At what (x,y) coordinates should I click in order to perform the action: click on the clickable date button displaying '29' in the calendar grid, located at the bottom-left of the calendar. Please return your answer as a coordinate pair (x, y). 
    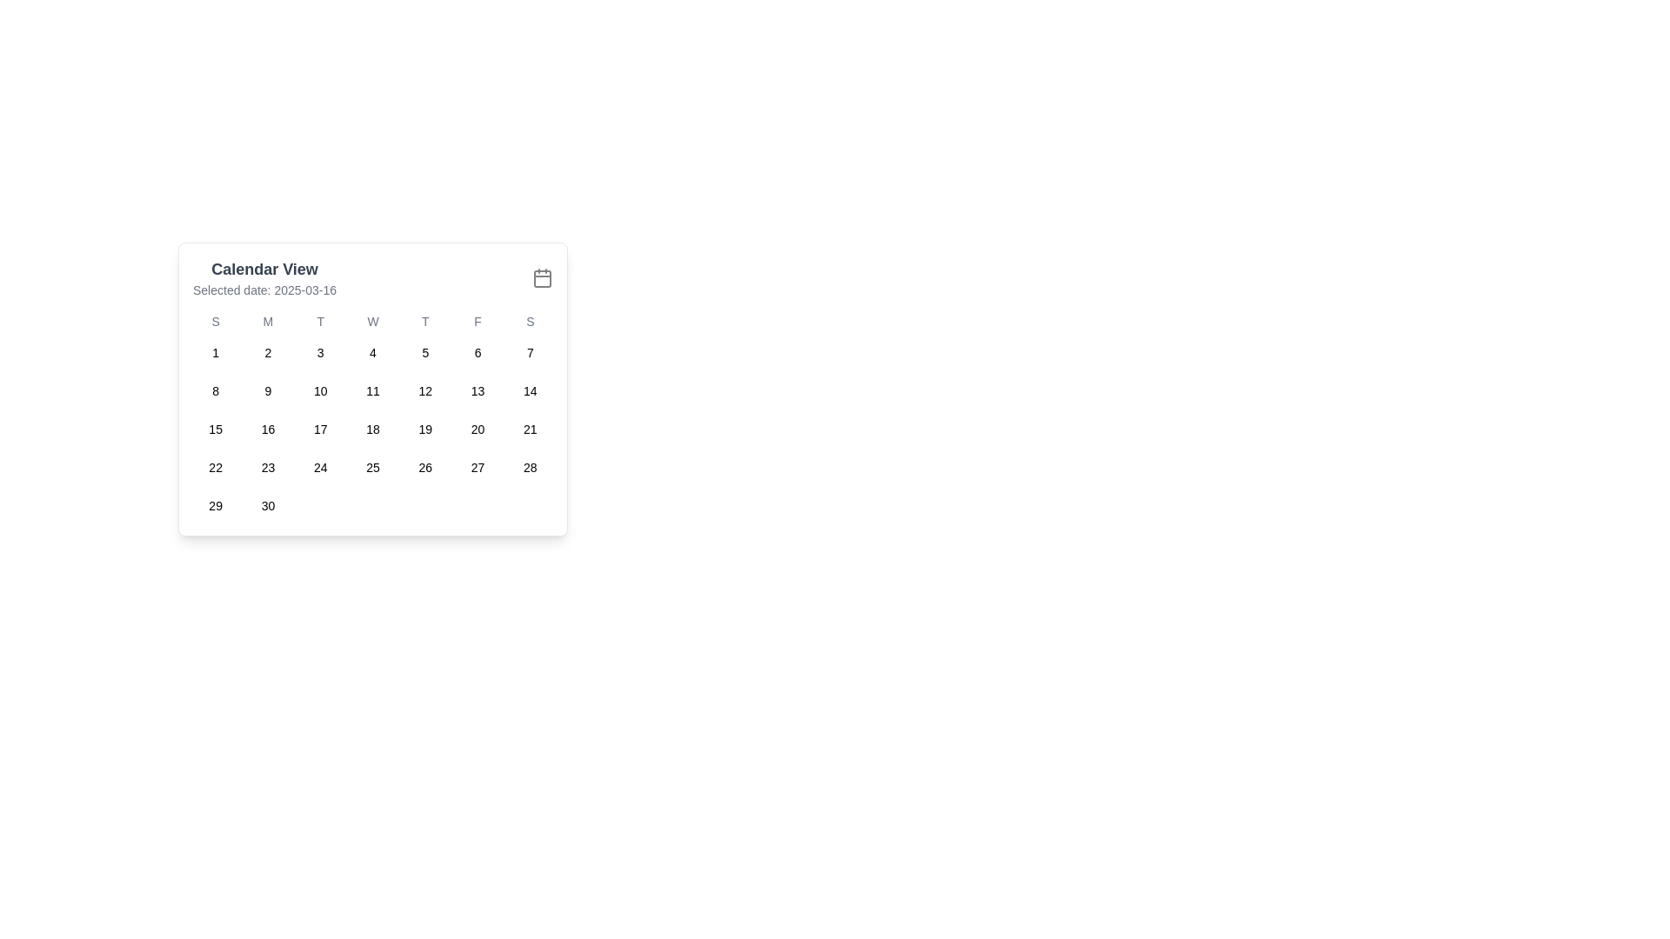
    Looking at the image, I should click on (215, 506).